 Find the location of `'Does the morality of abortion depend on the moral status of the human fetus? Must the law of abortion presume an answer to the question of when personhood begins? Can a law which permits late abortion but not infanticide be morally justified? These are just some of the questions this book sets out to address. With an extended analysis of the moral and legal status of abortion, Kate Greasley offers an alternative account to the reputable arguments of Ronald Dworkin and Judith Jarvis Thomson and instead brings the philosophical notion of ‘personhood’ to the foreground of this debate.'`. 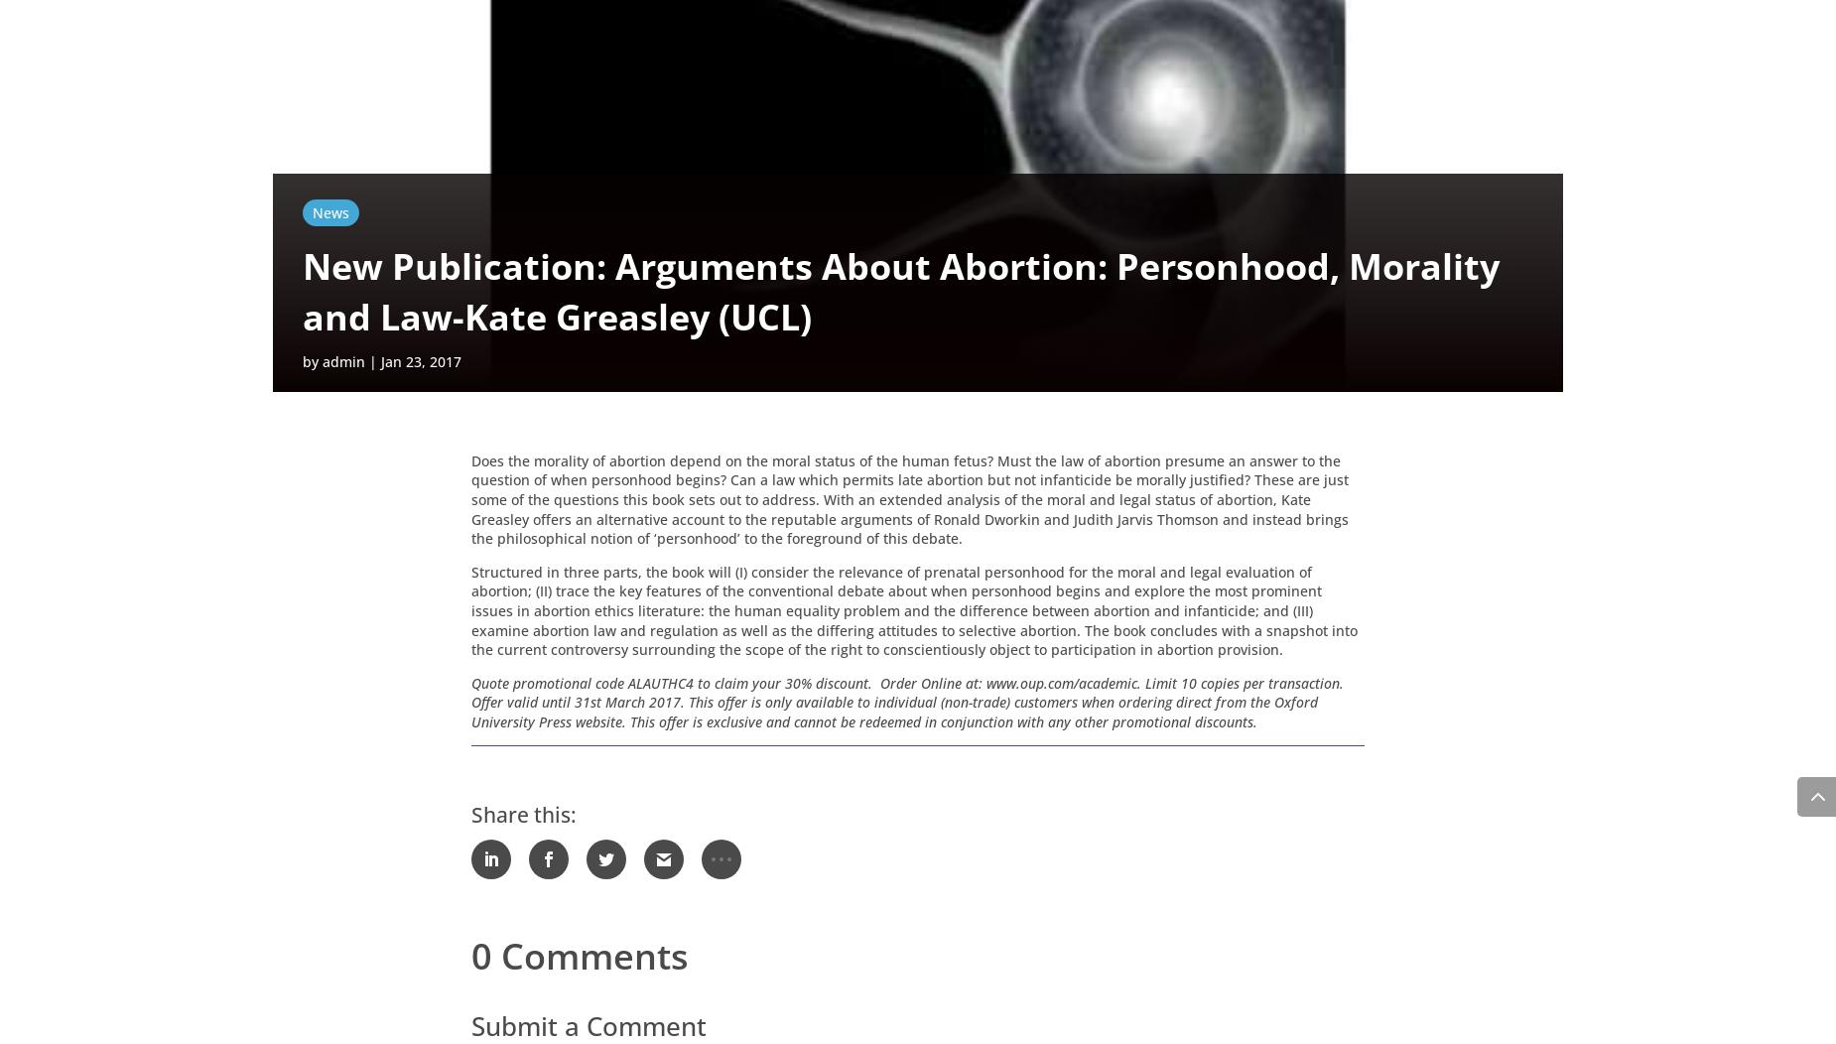

'Does the morality of abortion depend on the moral status of the human fetus? Must the law of abortion presume an answer to the question of when personhood begins? Can a law which permits late abortion but not infanticide be morally justified? These are just some of the questions this book sets out to address. With an extended analysis of the moral and legal status of abortion, Kate Greasley offers an alternative account to the reputable arguments of Ronald Dworkin and Judith Jarvis Thomson and instead brings the philosophical notion of ‘personhood’ to the foreground of this debate.' is located at coordinates (910, 501).